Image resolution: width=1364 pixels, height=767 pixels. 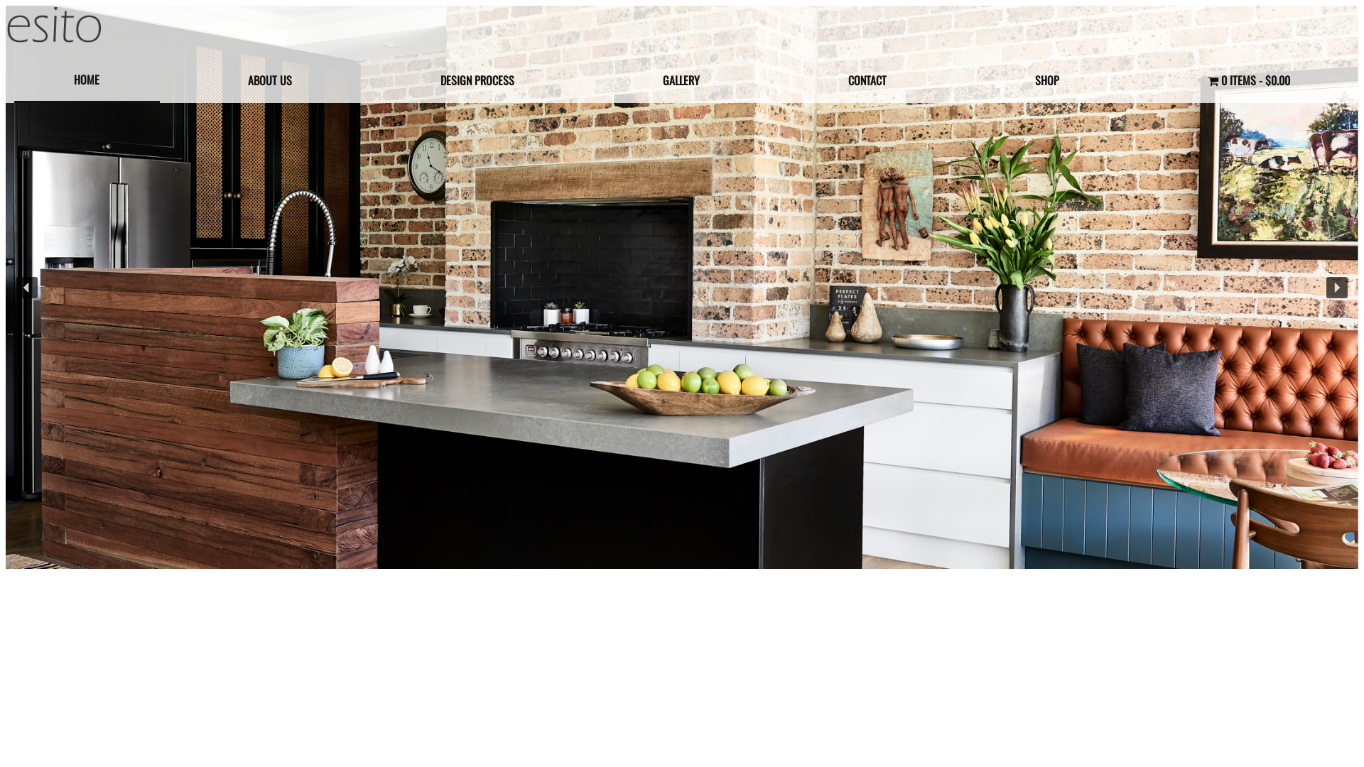 What do you see at coordinates (786, 80) in the screenshot?
I see `'CONTACT'` at bounding box center [786, 80].